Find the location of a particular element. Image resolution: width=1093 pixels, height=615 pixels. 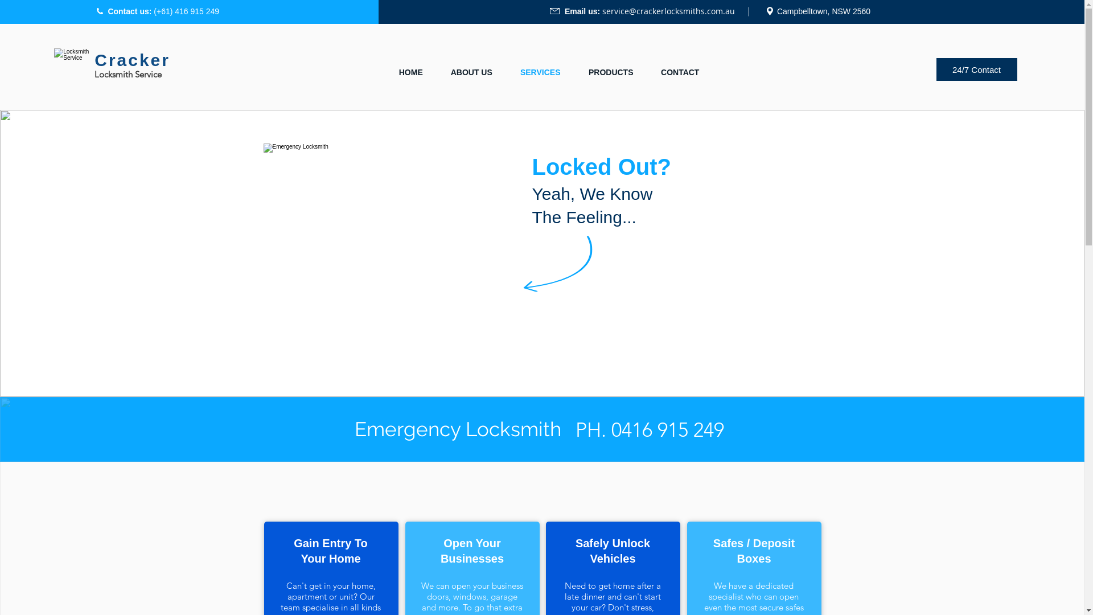

'HOME' is located at coordinates (410, 72).